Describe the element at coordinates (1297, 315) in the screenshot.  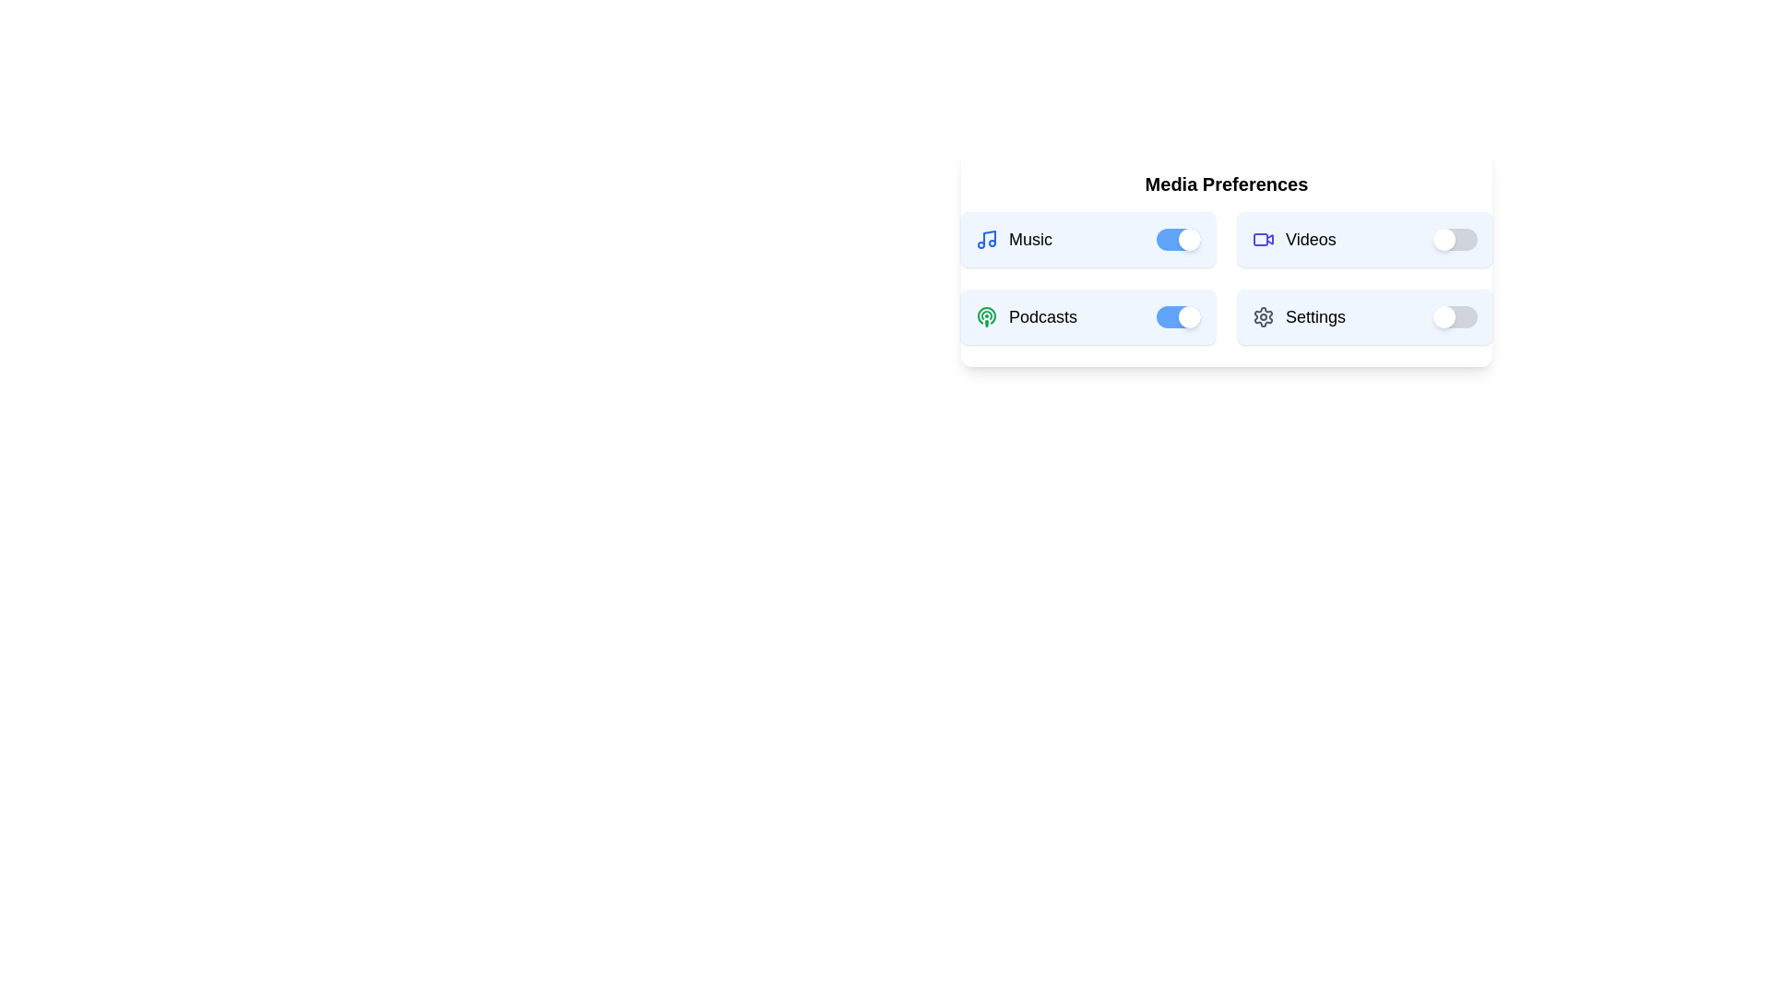
I see `the 'Settings' text` at that location.